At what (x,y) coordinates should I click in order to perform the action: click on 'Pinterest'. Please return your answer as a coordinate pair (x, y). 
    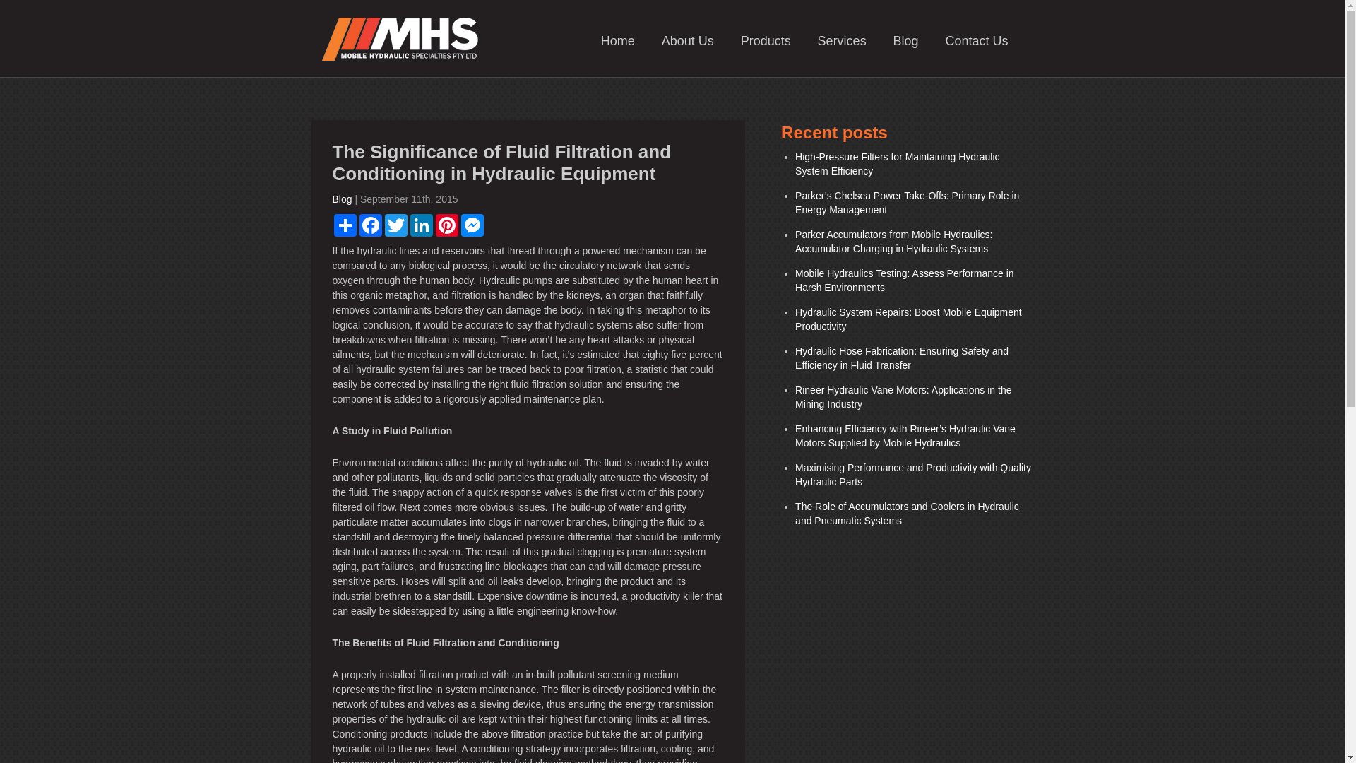
    Looking at the image, I should click on (446, 225).